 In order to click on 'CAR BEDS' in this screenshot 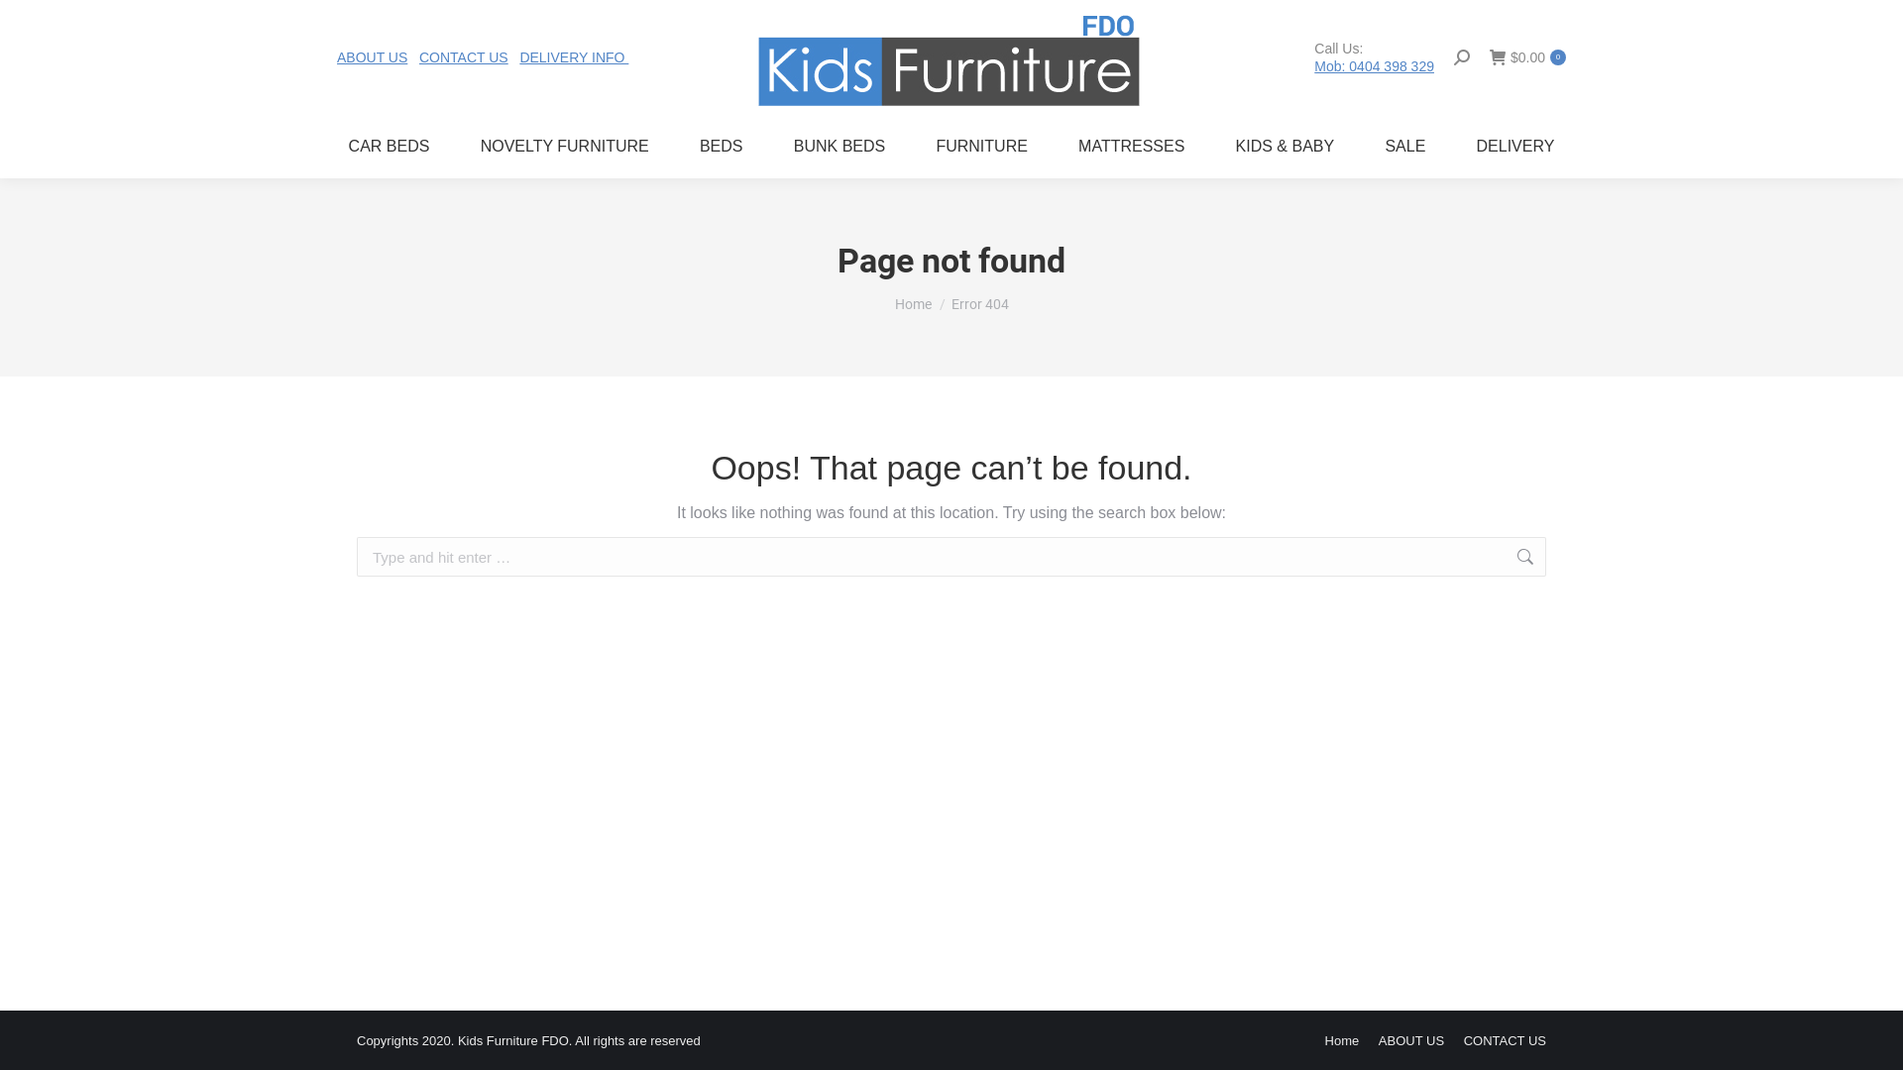, I will do `click(389, 145)`.